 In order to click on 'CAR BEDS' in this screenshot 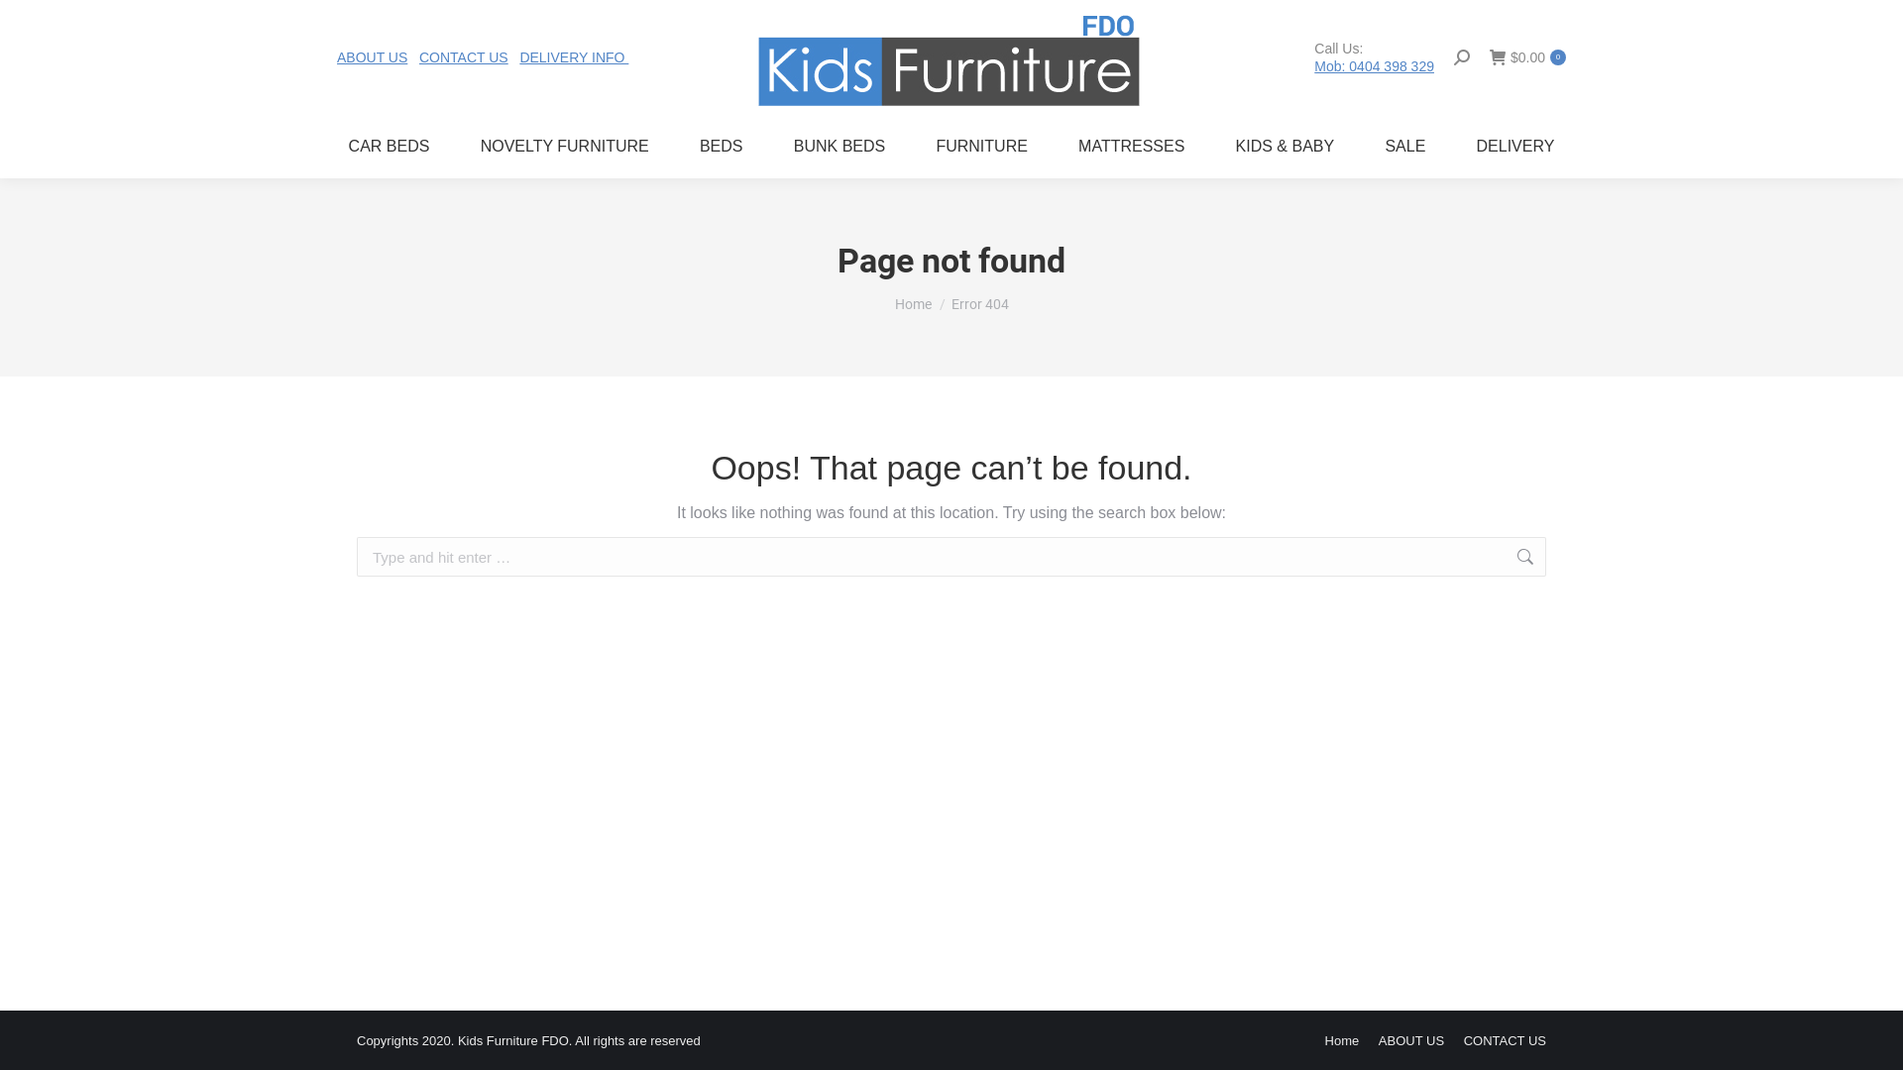, I will do `click(389, 145)`.